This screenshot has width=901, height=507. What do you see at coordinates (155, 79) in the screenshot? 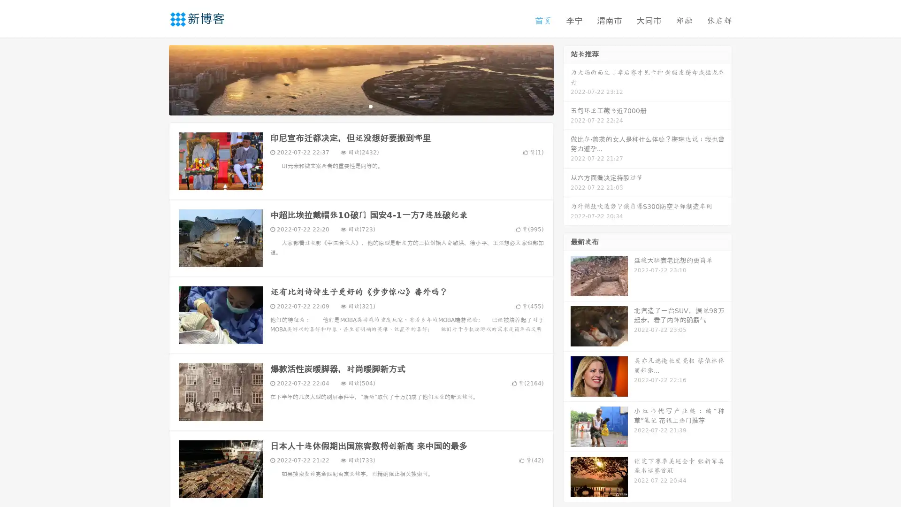
I see `Previous slide` at bounding box center [155, 79].